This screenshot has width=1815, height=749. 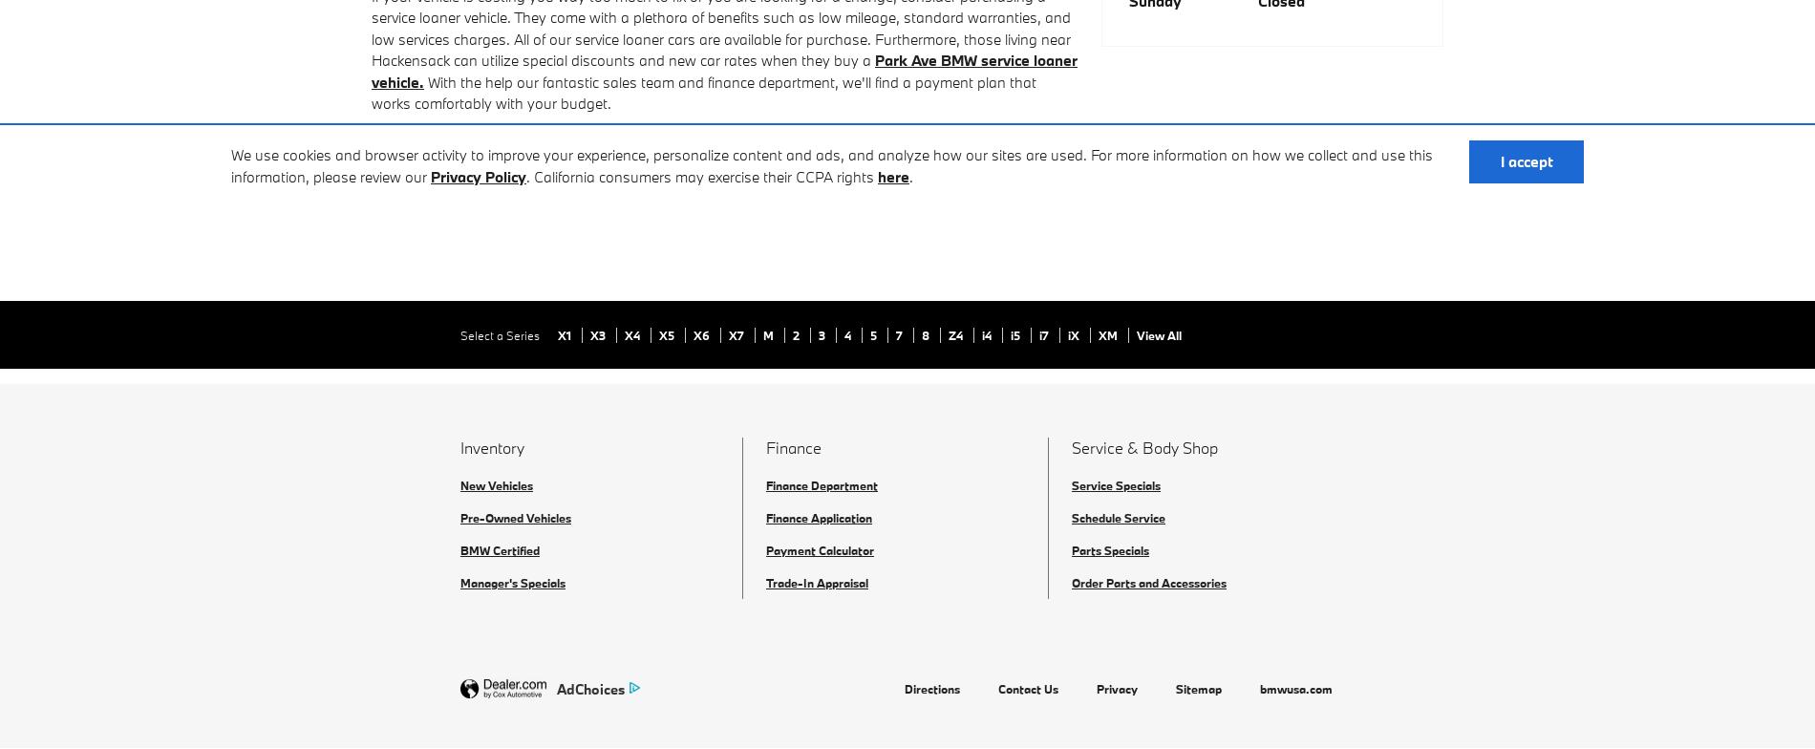 I want to click on 'Sitemap', so click(x=1197, y=688).